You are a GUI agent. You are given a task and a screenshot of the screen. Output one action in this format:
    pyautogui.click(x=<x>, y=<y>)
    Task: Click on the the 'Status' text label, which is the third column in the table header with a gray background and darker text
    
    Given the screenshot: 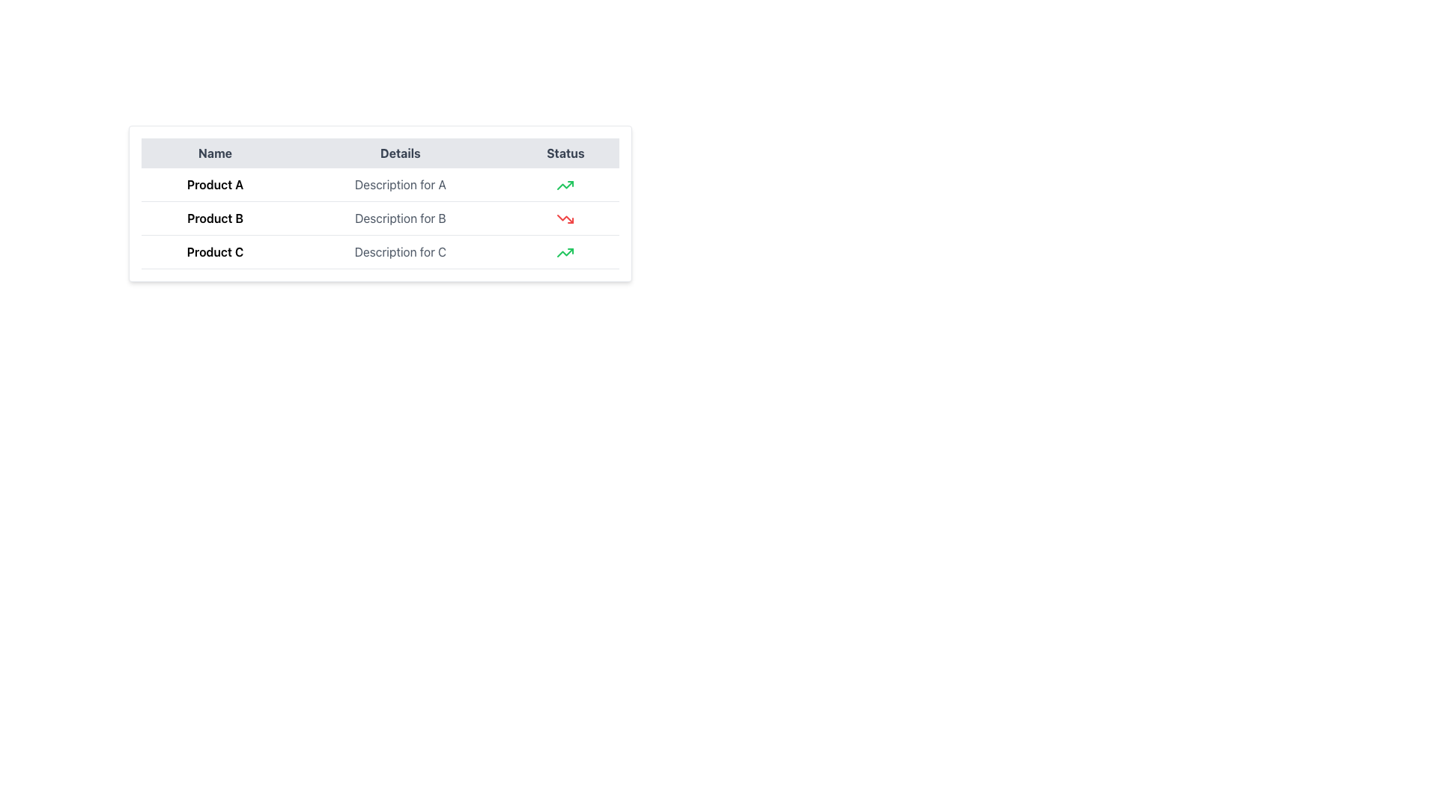 What is the action you would take?
    pyautogui.click(x=565, y=153)
    